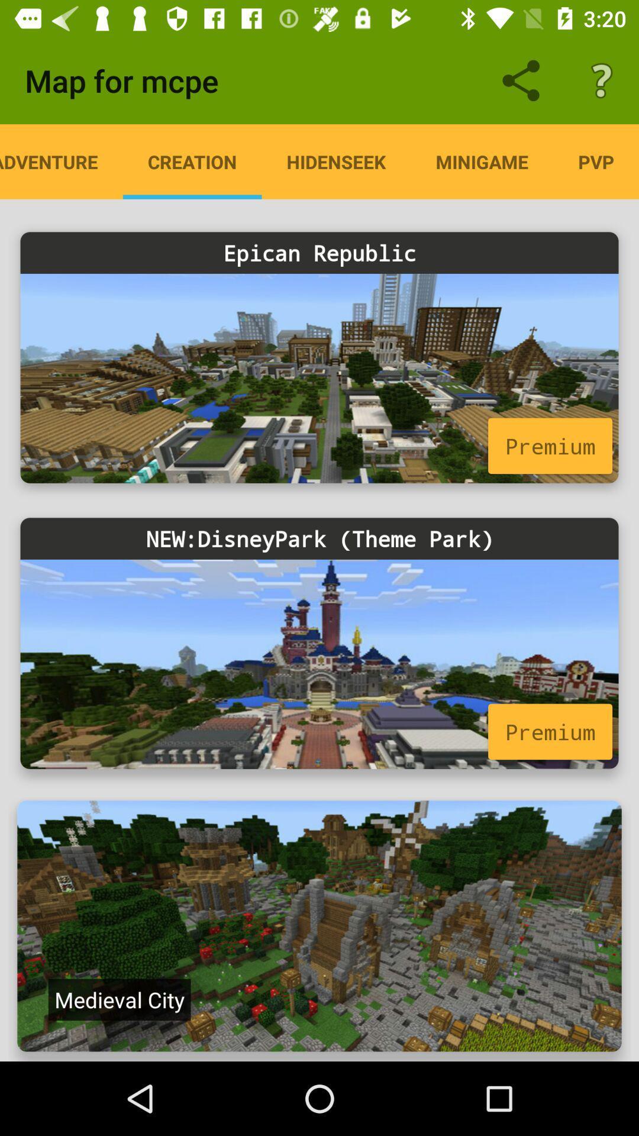  I want to click on premium link for epican republic map, so click(319, 377).